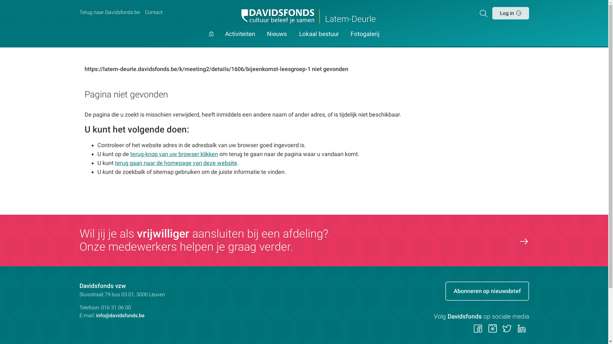 Image resolution: width=613 pixels, height=344 pixels. What do you see at coordinates (277, 39) in the screenshot?
I see `'Nieuws'` at bounding box center [277, 39].